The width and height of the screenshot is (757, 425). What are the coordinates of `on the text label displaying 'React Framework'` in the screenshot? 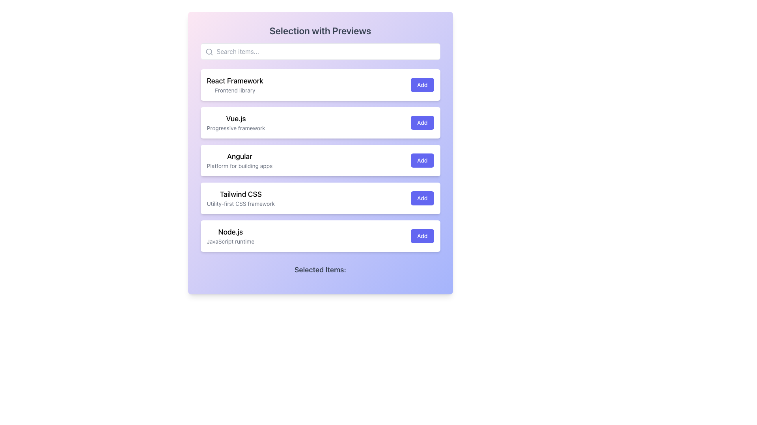 It's located at (235, 81).